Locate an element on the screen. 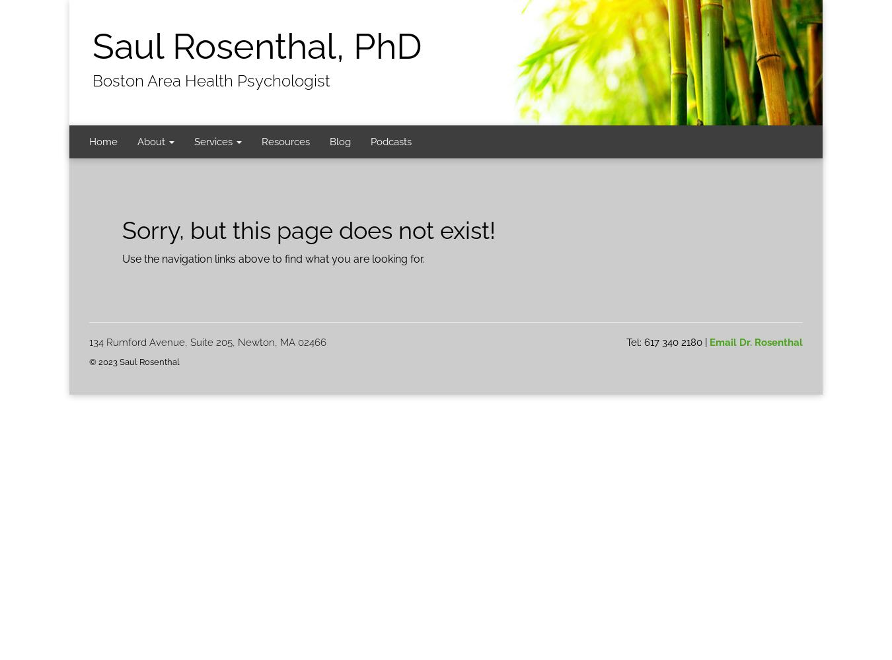 The width and height of the screenshot is (892, 660). 'Tel: 617 340 2180 |' is located at coordinates (667, 342).